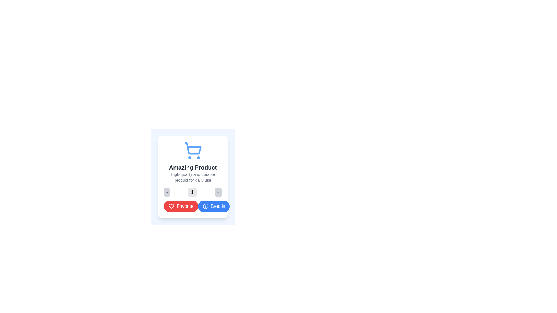 The image size is (557, 313). I want to click on the 'Favorite' button represented by a heart icon located on the leftmost side of the button group in the product card to mark the product as a favorite, so click(171, 206).